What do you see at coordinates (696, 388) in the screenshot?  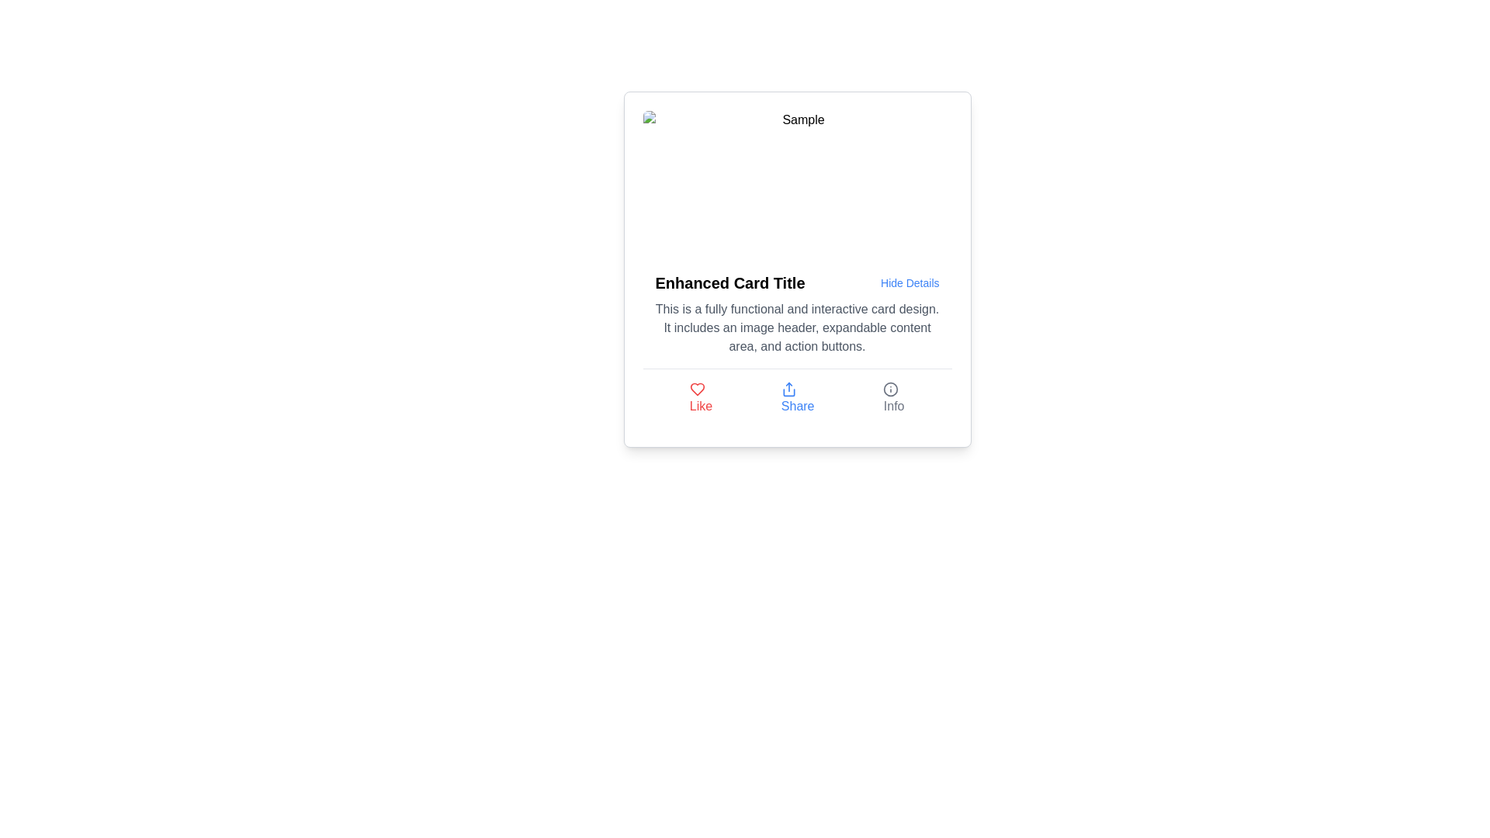 I see `the heart icon representing the 'Like' action, which is centrally located within the 'Like' button area at the bottom left of the card layout` at bounding box center [696, 388].